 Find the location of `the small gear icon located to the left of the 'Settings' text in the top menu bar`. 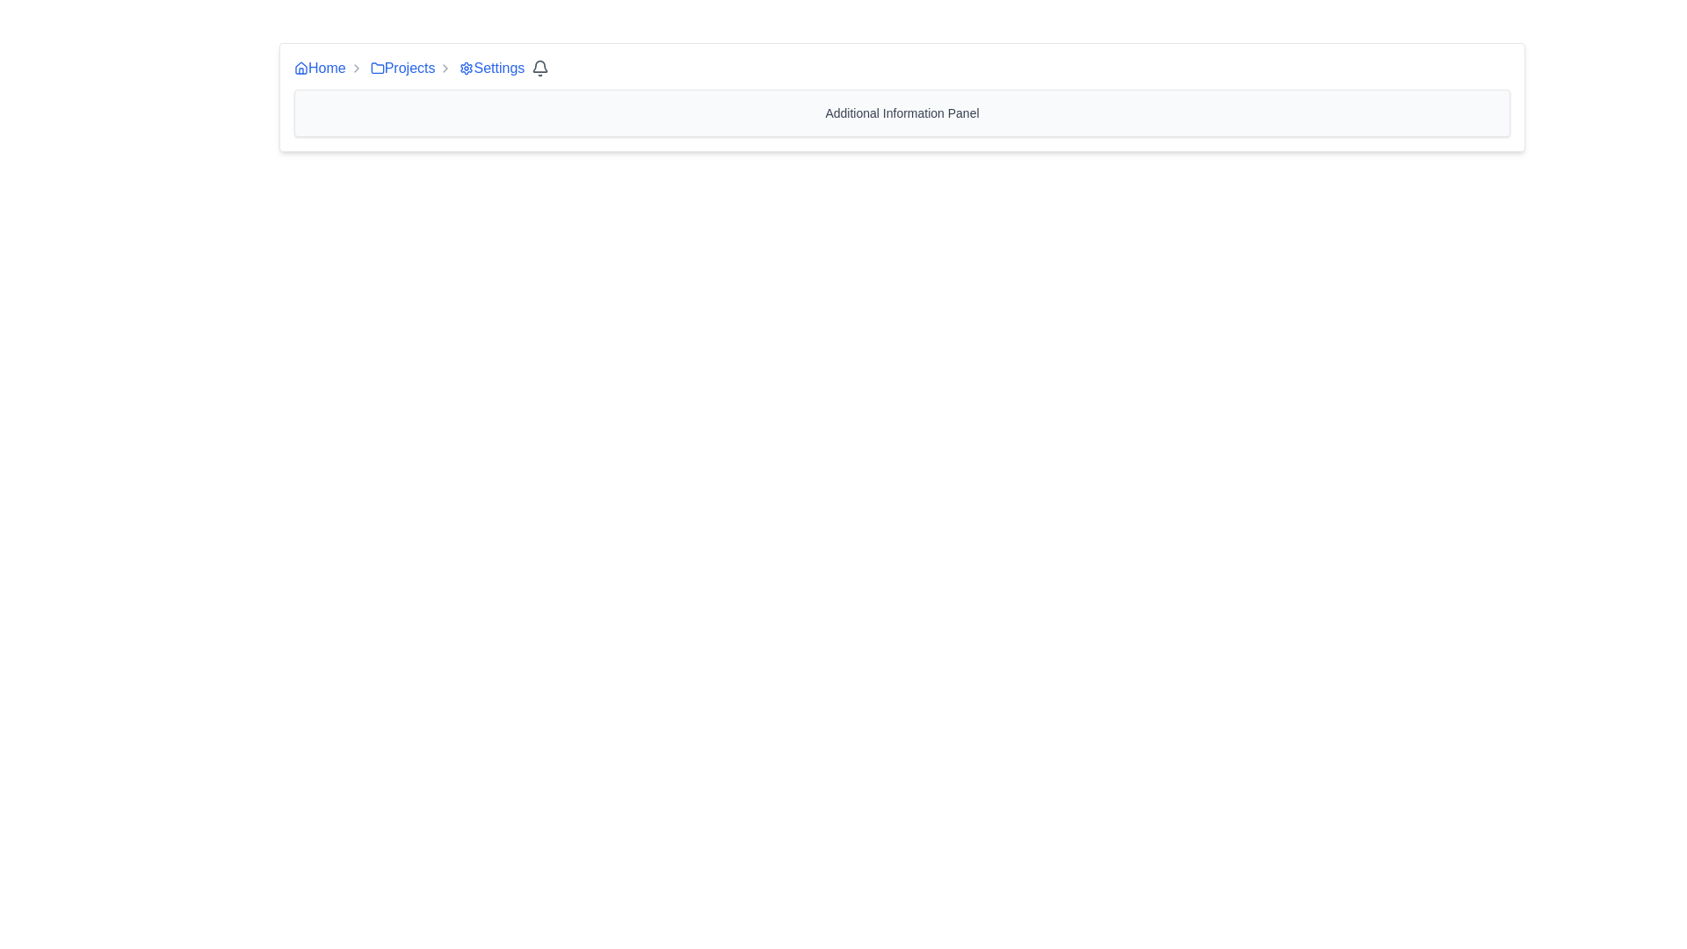

the small gear icon located to the left of the 'Settings' text in the top menu bar is located at coordinates (467, 67).